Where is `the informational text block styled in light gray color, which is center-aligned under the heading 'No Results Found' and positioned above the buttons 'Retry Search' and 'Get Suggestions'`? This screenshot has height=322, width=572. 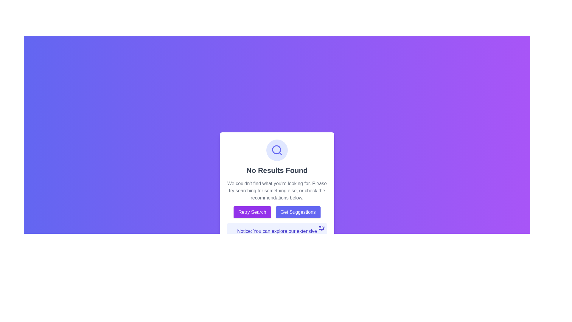 the informational text block styled in light gray color, which is center-aligned under the heading 'No Results Found' and positioned above the buttons 'Retry Search' and 'Get Suggestions' is located at coordinates (277, 191).